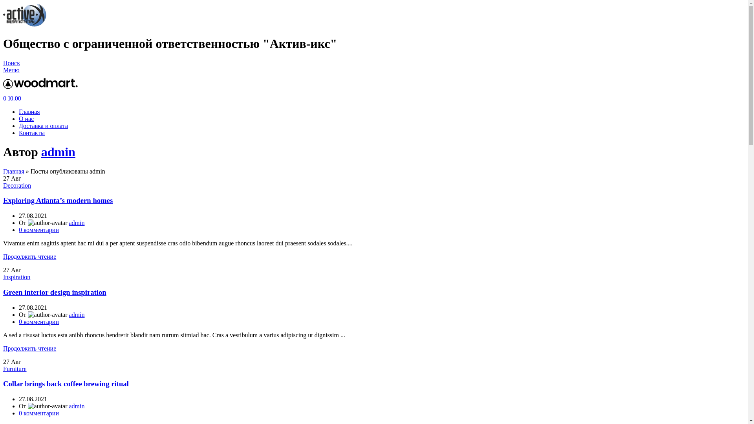 The height and width of the screenshot is (424, 754). Describe the element at coordinates (15, 369) in the screenshot. I see `'Furniture'` at that location.